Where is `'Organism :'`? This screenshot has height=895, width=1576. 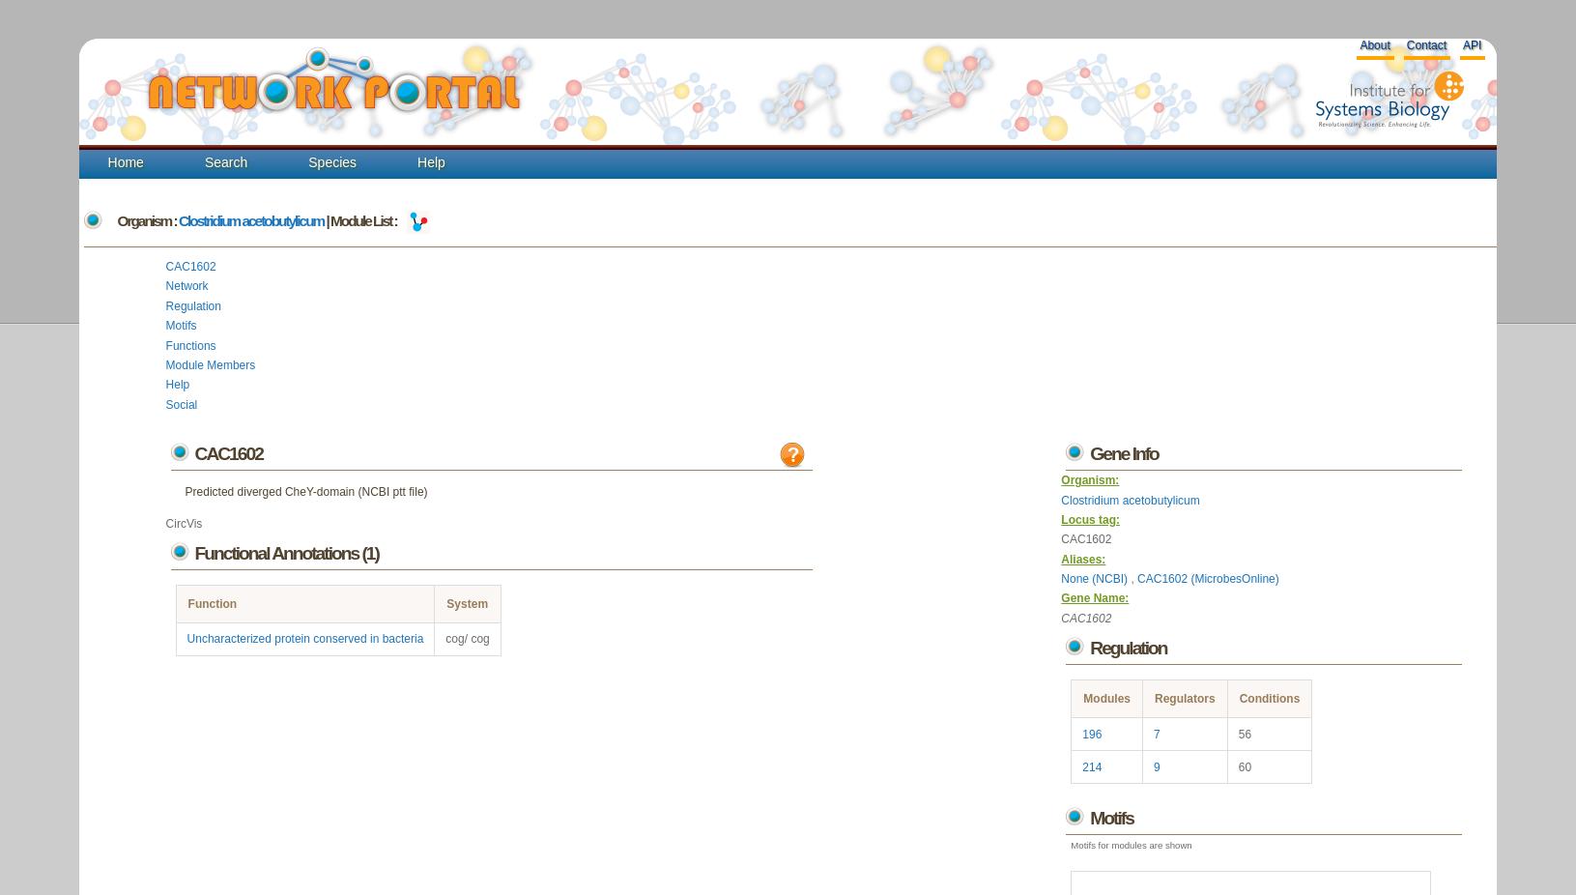 'Organism :' is located at coordinates (147, 219).